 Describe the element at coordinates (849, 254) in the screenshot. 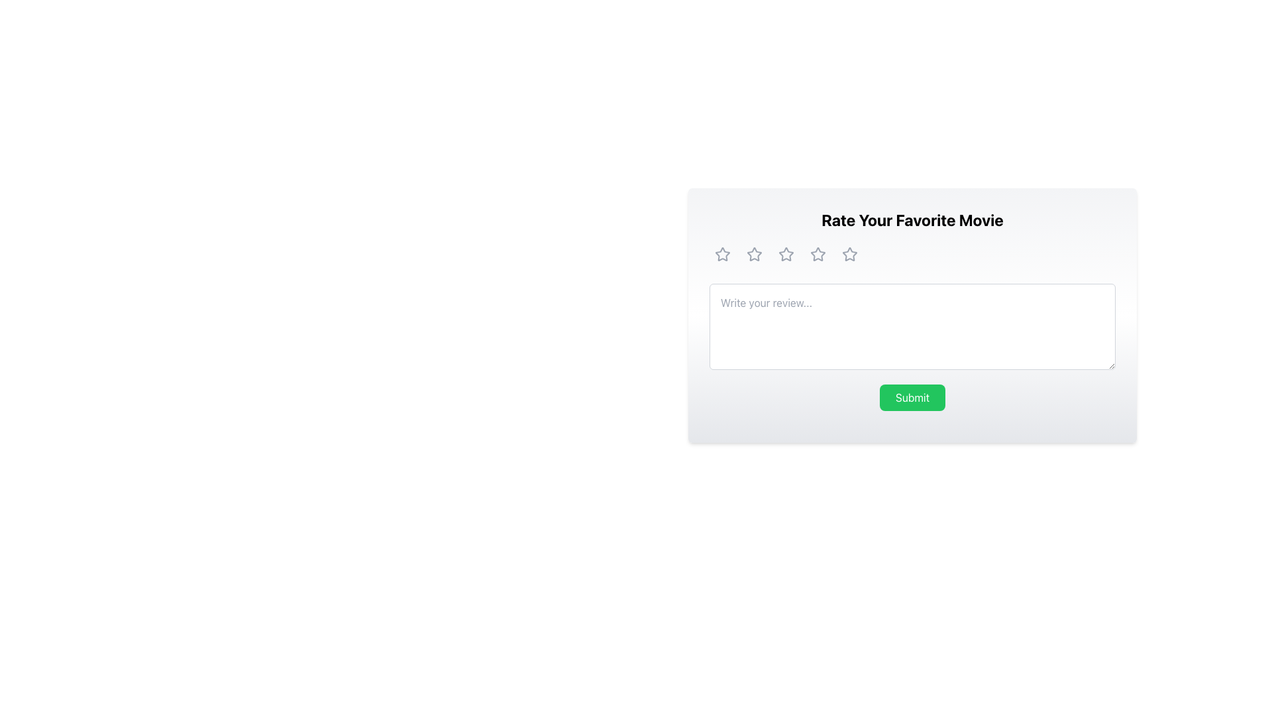

I see `the fifth star icon in the rating system` at that location.